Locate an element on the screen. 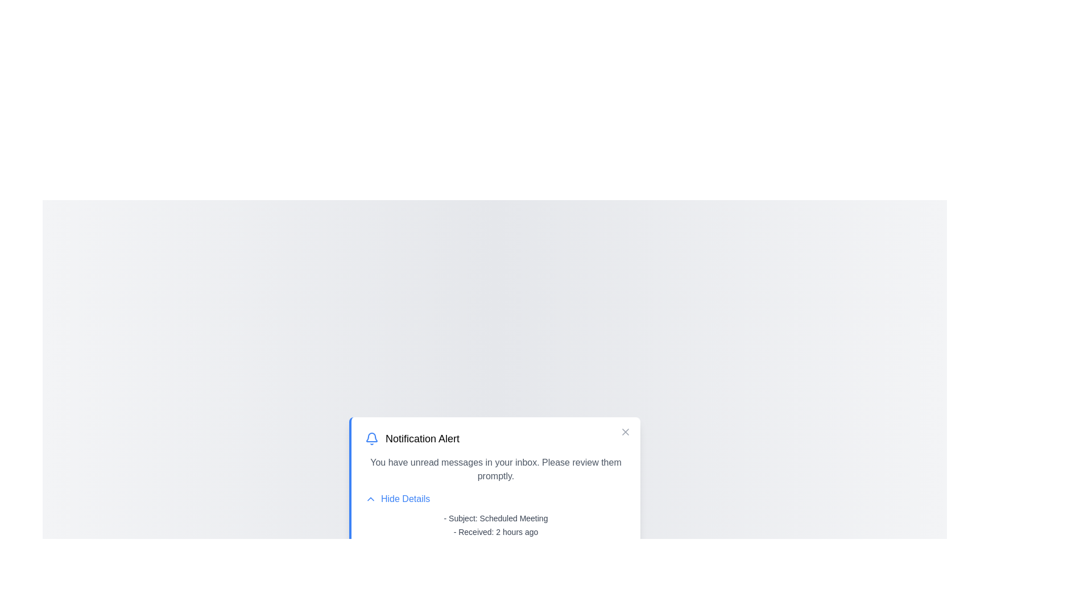 The image size is (1092, 614). close button to dismiss the notification is located at coordinates (624, 432).